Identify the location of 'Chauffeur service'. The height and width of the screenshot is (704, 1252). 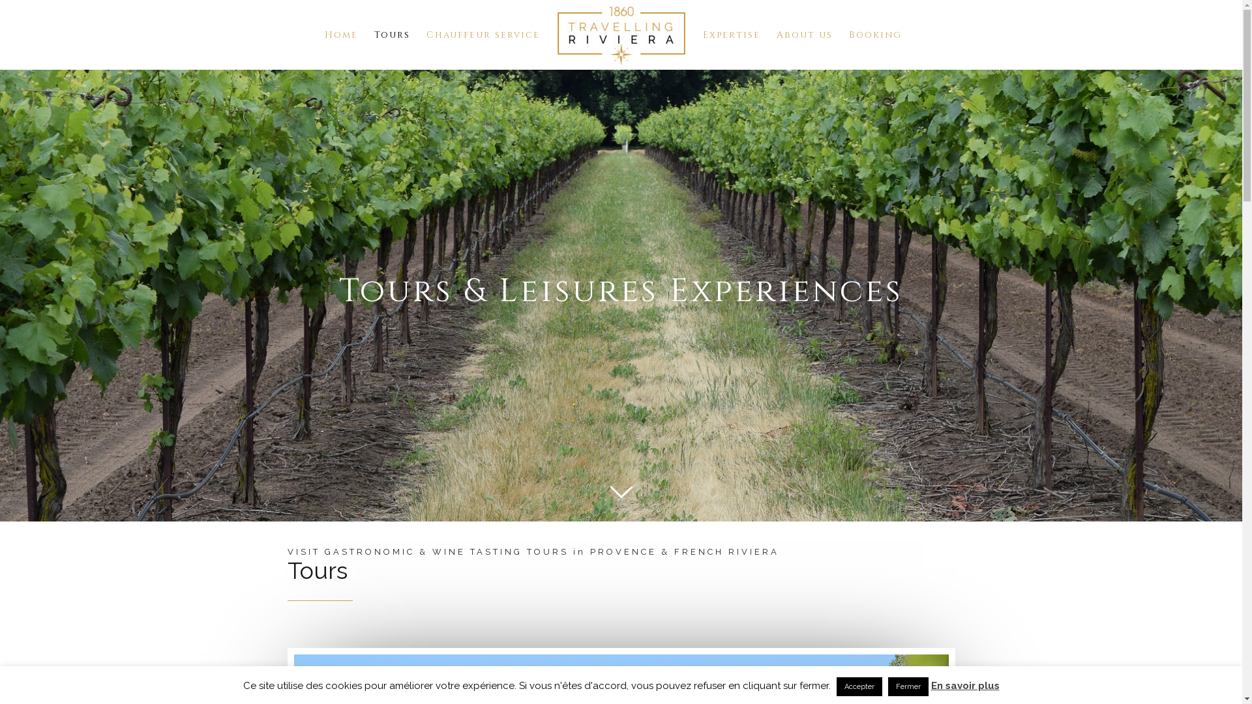
(482, 35).